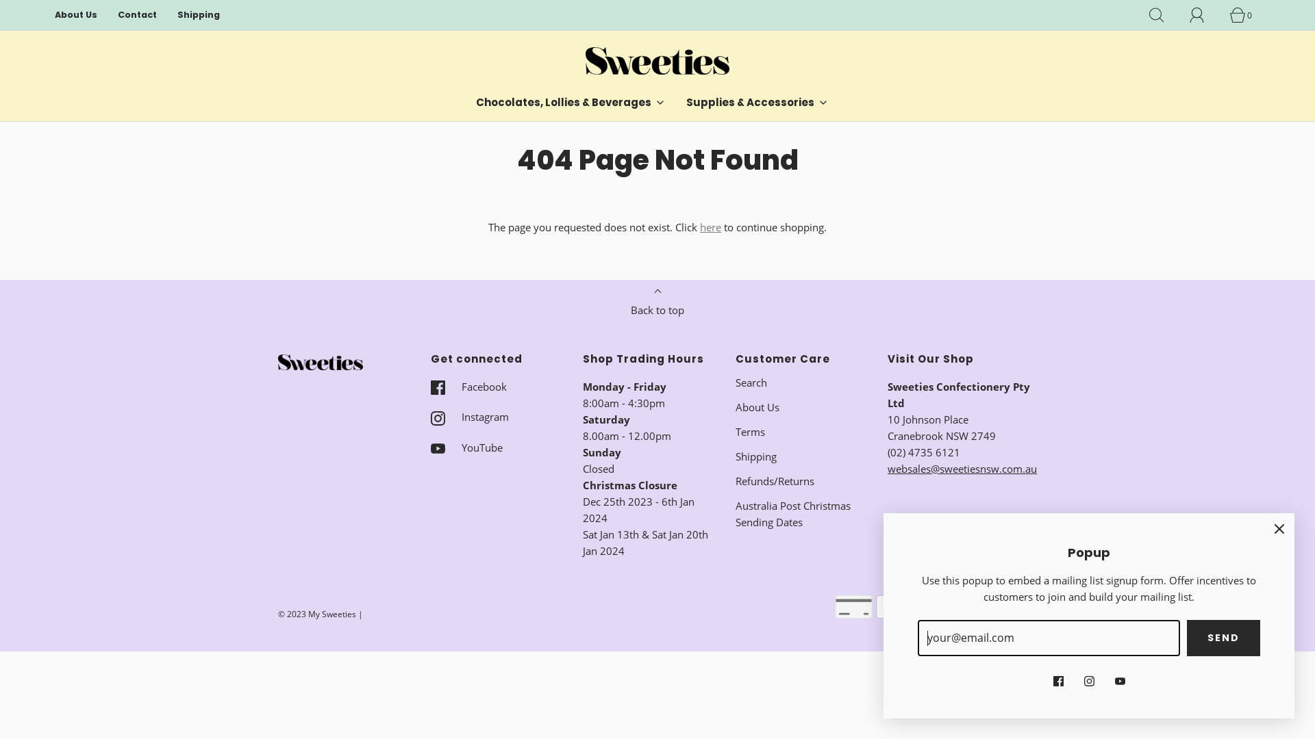 Image resolution: width=1315 pixels, height=739 pixels. Describe the element at coordinates (1245, 15) in the screenshot. I see `'0'` at that location.